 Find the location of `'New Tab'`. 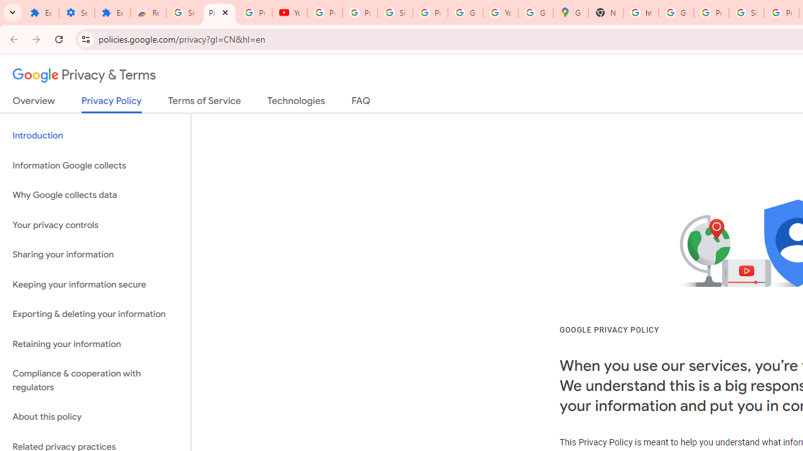

'New Tab' is located at coordinates (606, 13).